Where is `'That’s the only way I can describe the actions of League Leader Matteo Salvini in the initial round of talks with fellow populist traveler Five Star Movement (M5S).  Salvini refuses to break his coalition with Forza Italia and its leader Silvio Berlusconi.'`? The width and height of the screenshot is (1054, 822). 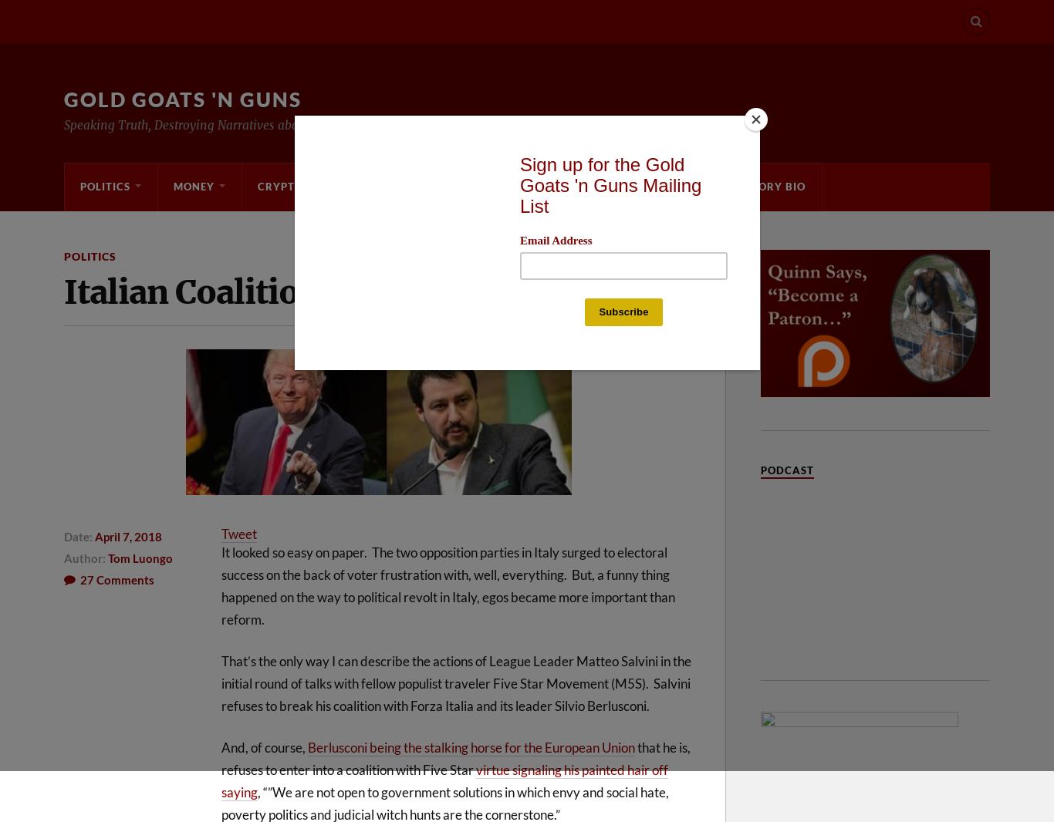
'That’s the only way I can describe the actions of League Leader Matteo Salvini in the initial round of talks with fellow populist traveler Five Star Movement (M5S).  Salvini refuses to break his coalition with Forza Italia and its leader Silvio Berlusconi.' is located at coordinates (455, 682).